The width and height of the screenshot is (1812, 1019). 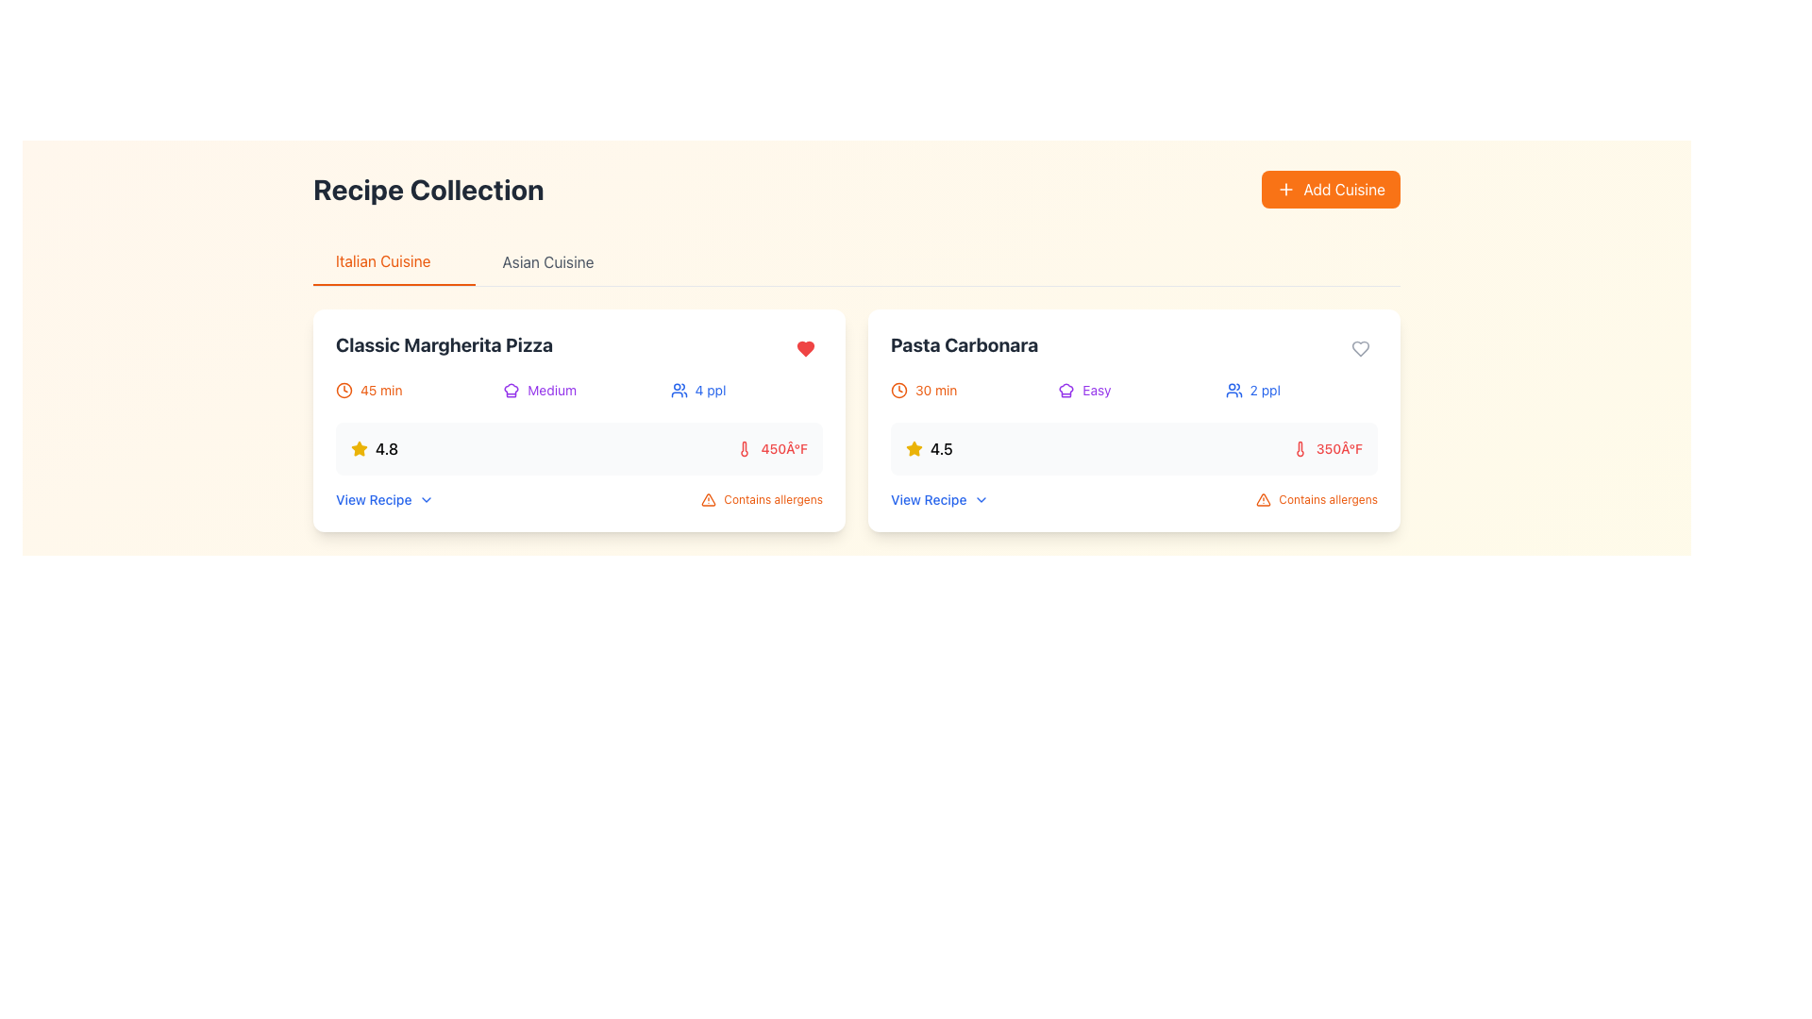 I want to click on the 'Add Cuisine' text label inside the orange button located towards the top-right of the interface, so click(x=1343, y=189).